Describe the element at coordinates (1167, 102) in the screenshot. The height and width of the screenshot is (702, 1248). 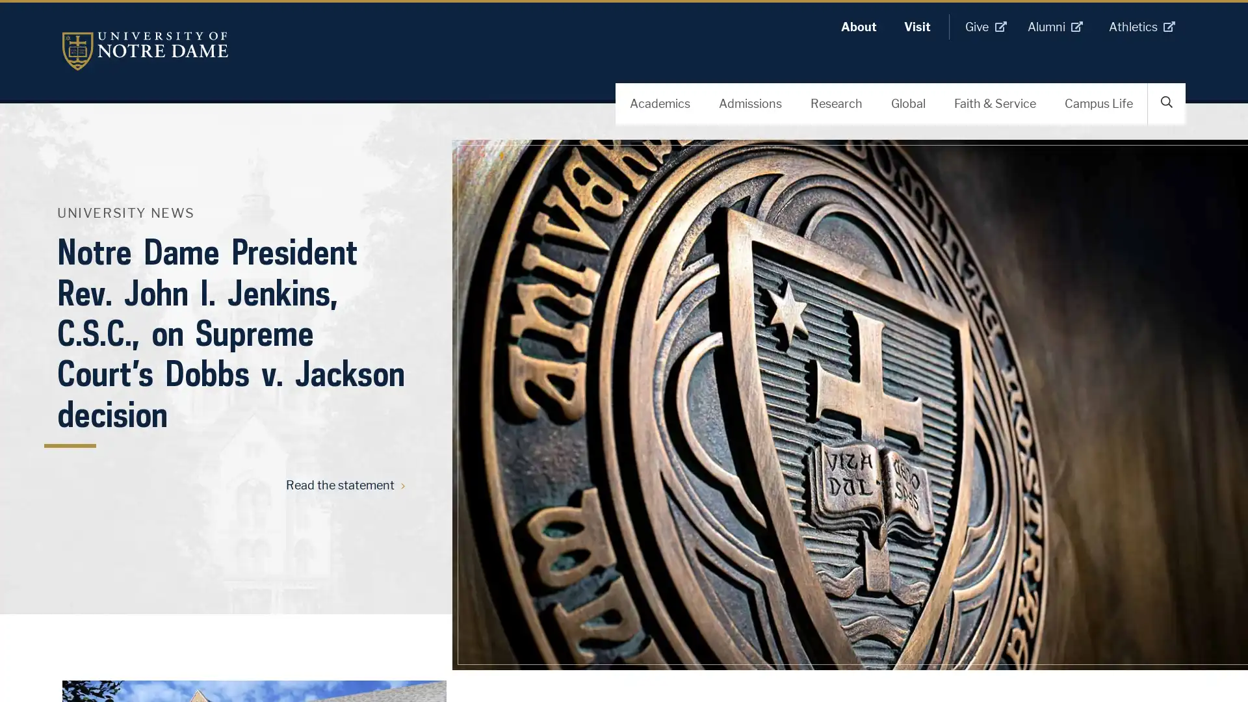
I see `Toggle search` at that location.